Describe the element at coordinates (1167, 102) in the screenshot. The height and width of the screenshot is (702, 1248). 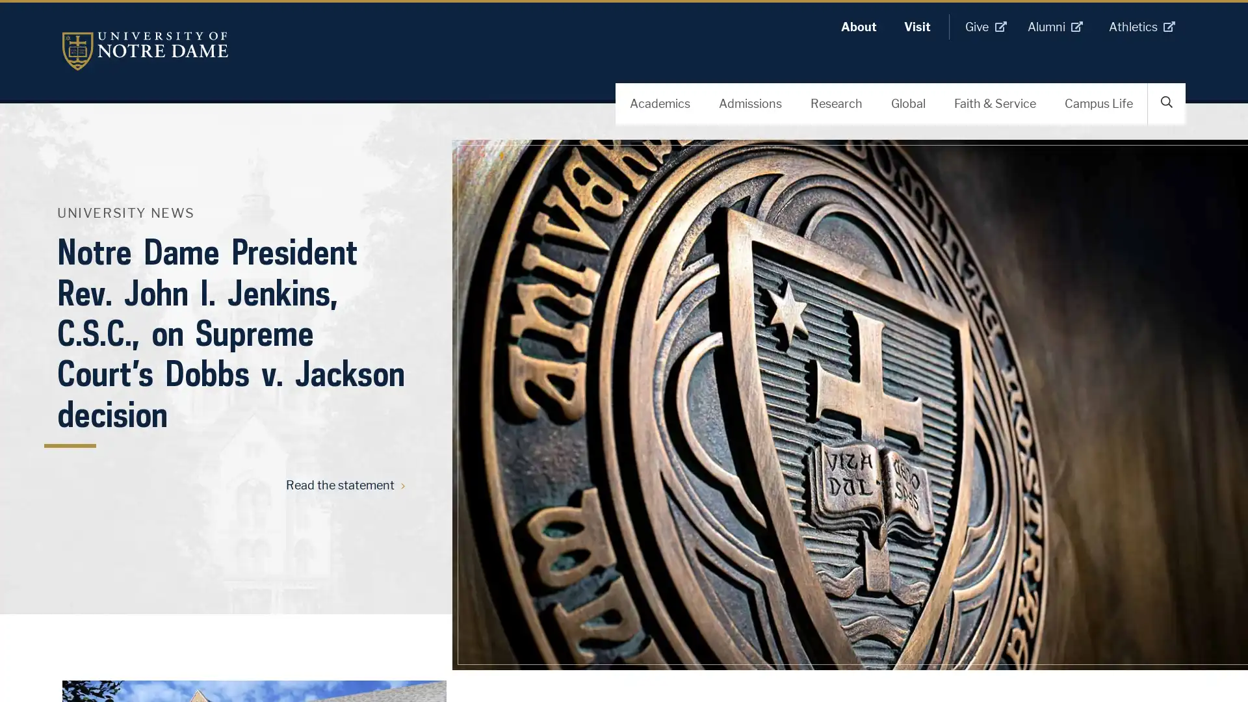
I see `Toggle search` at that location.